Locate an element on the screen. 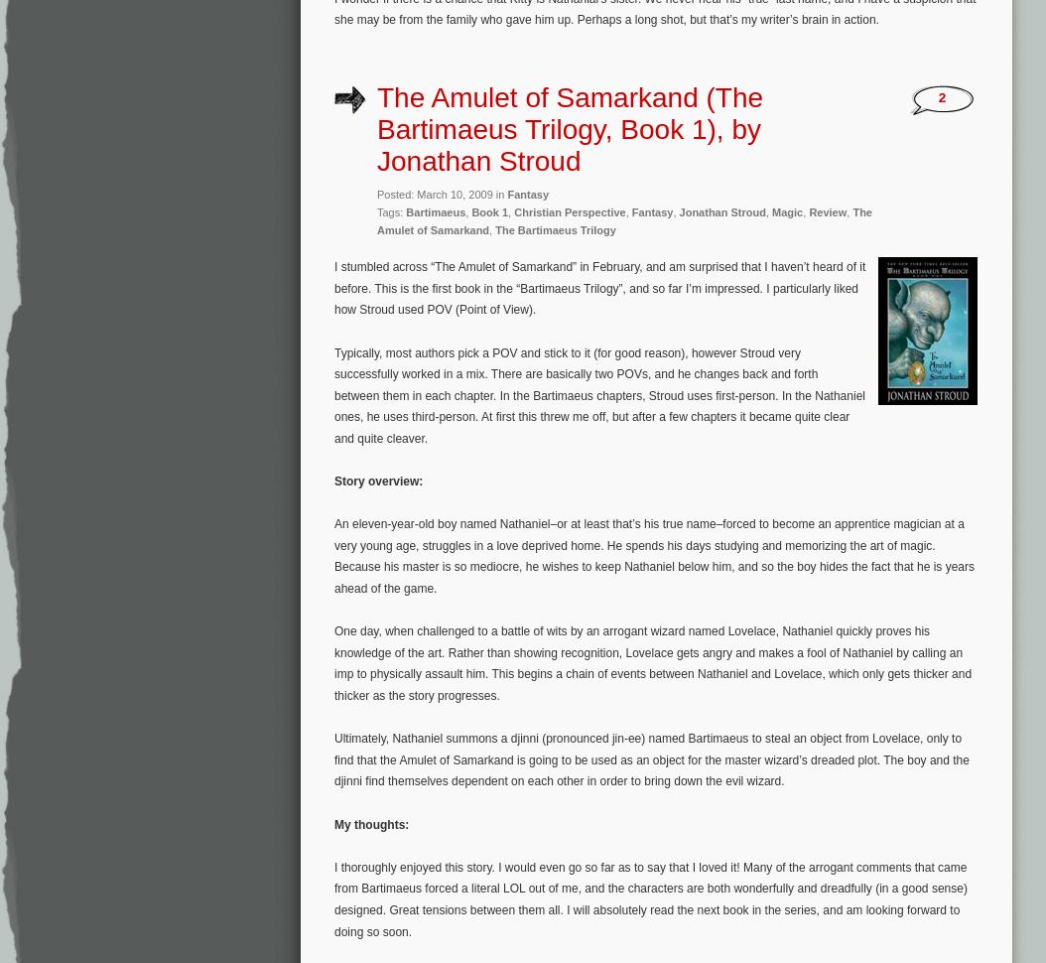 Image resolution: width=1046 pixels, height=963 pixels. 'My thoughts:' is located at coordinates (333, 823).